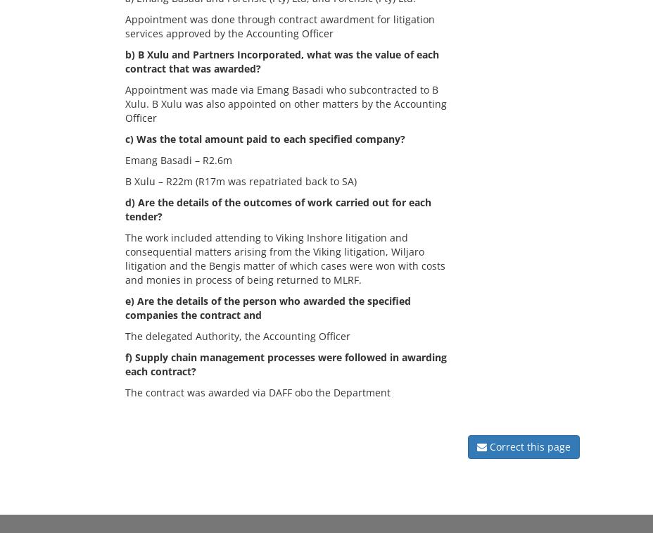 The image size is (653, 533). I want to click on 'd) Are the details of the outcomes of work carried out for each tender?', so click(278, 208).